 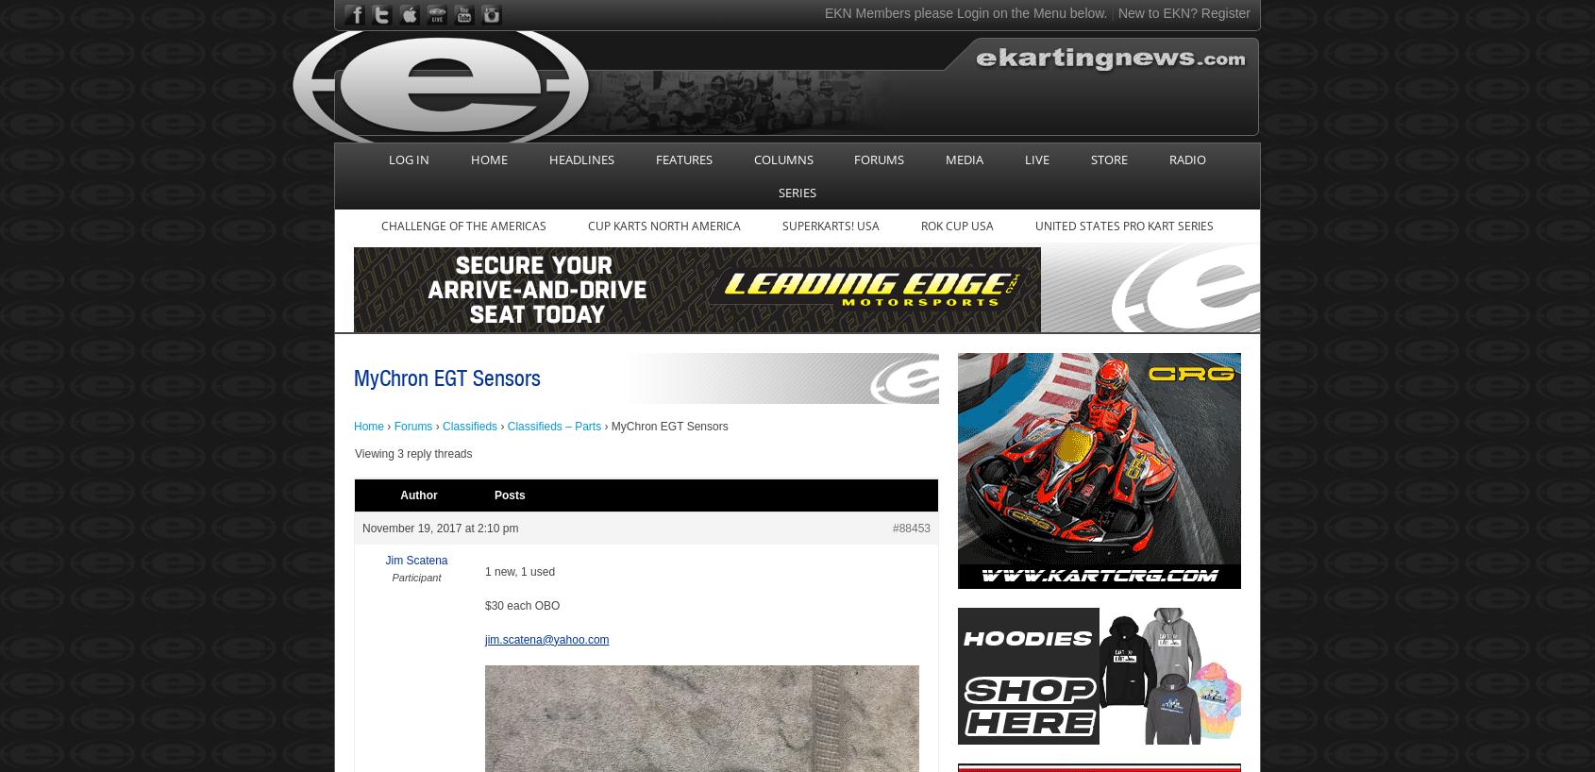 I want to click on 'HOME', so click(x=487, y=158).